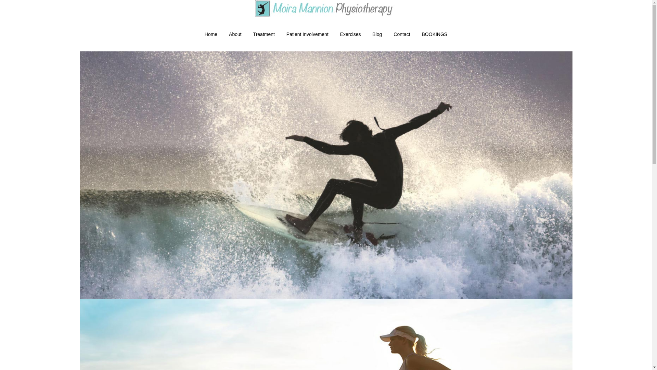 The height and width of the screenshot is (370, 657). I want to click on 'Blog', so click(377, 34).